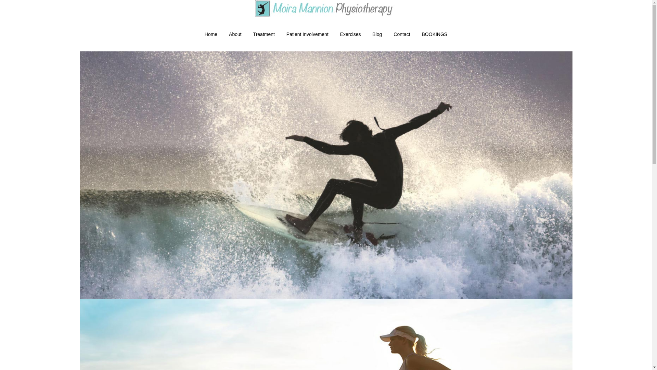 The height and width of the screenshot is (370, 657). I want to click on 'Blog', so click(377, 34).